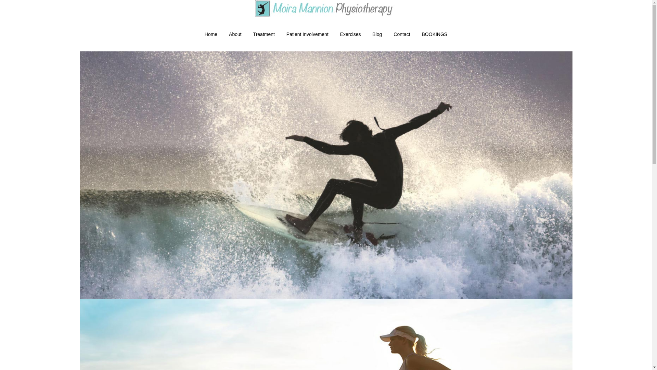 The height and width of the screenshot is (370, 657). I want to click on 'Blog', so click(377, 34).